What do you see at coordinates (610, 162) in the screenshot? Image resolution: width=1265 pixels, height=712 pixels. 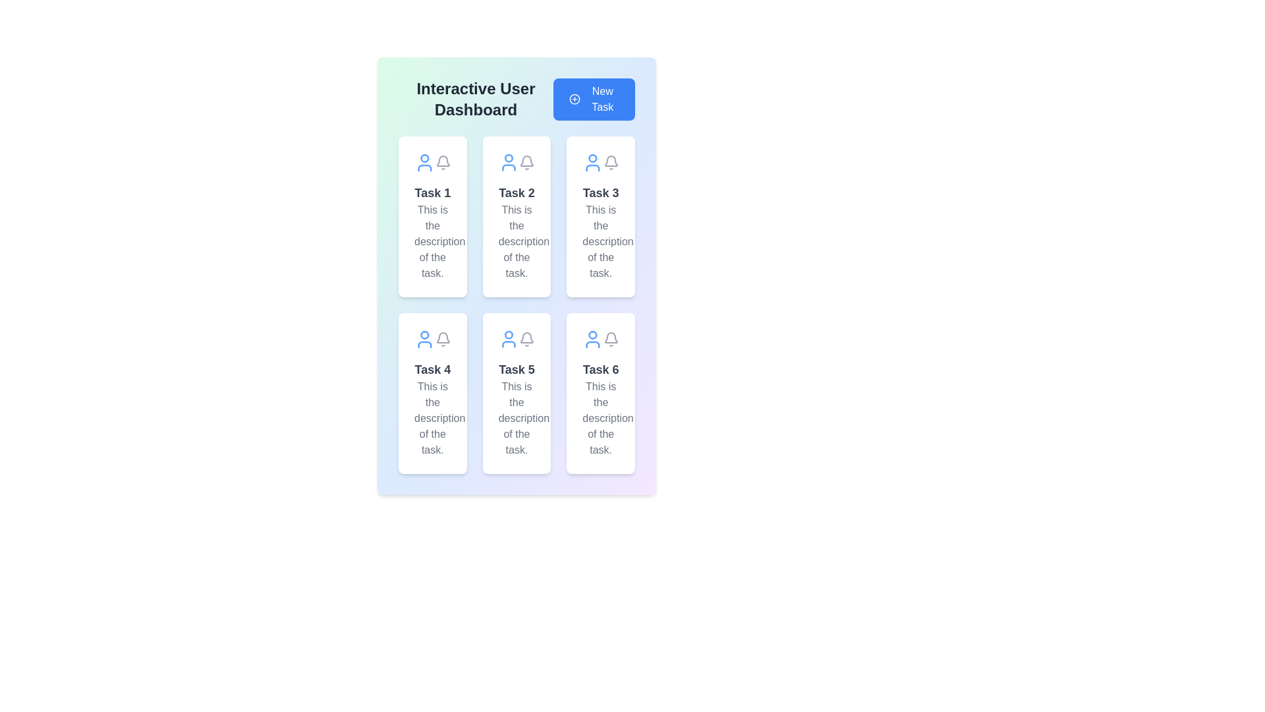 I see `the notification icon located on the right side of the user icon in the top-right section of the page` at bounding box center [610, 162].